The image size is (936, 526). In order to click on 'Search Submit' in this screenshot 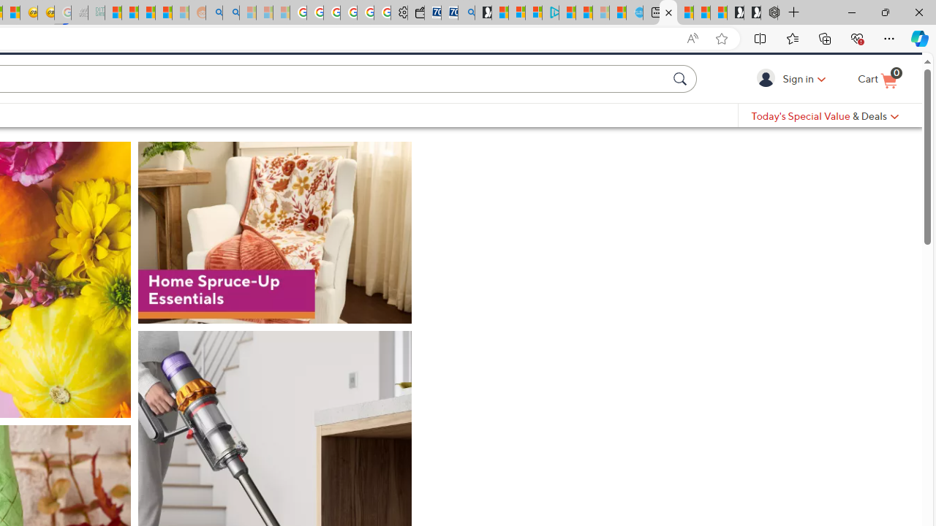, I will do `click(682, 102)`.